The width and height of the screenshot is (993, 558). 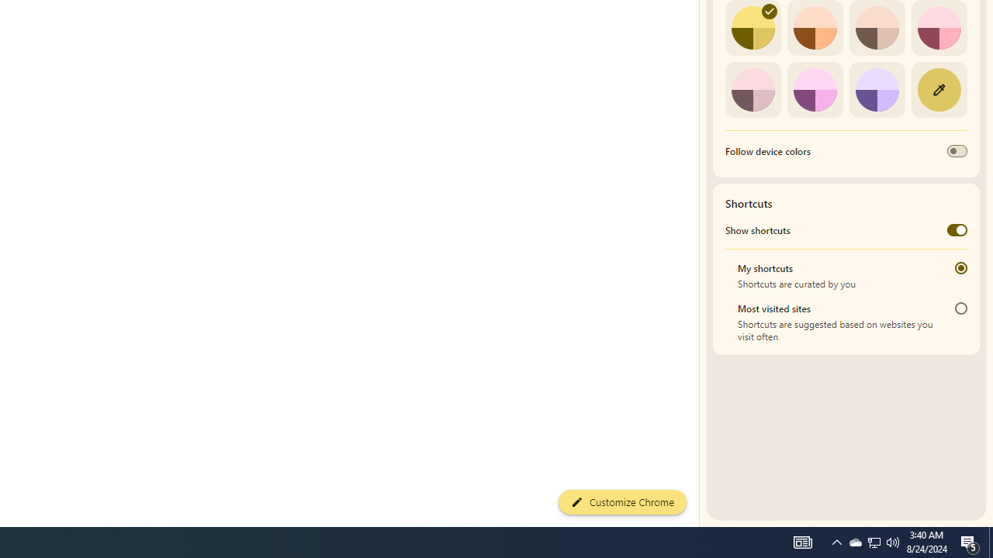 What do you see at coordinates (938, 89) in the screenshot?
I see `'Custom color'` at bounding box center [938, 89].